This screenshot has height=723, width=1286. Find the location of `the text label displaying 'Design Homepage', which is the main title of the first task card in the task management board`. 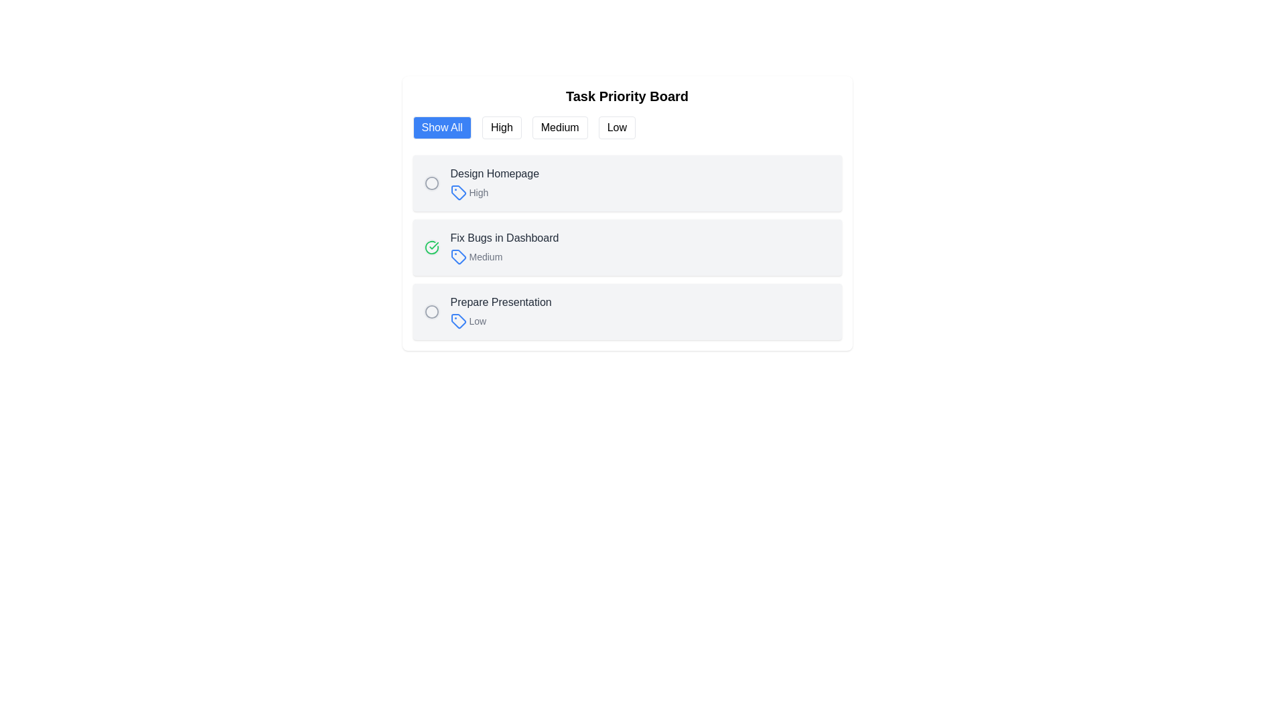

the text label displaying 'Design Homepage', which is the main title of the first task card in the task management board is located at coordinates (494, 173).